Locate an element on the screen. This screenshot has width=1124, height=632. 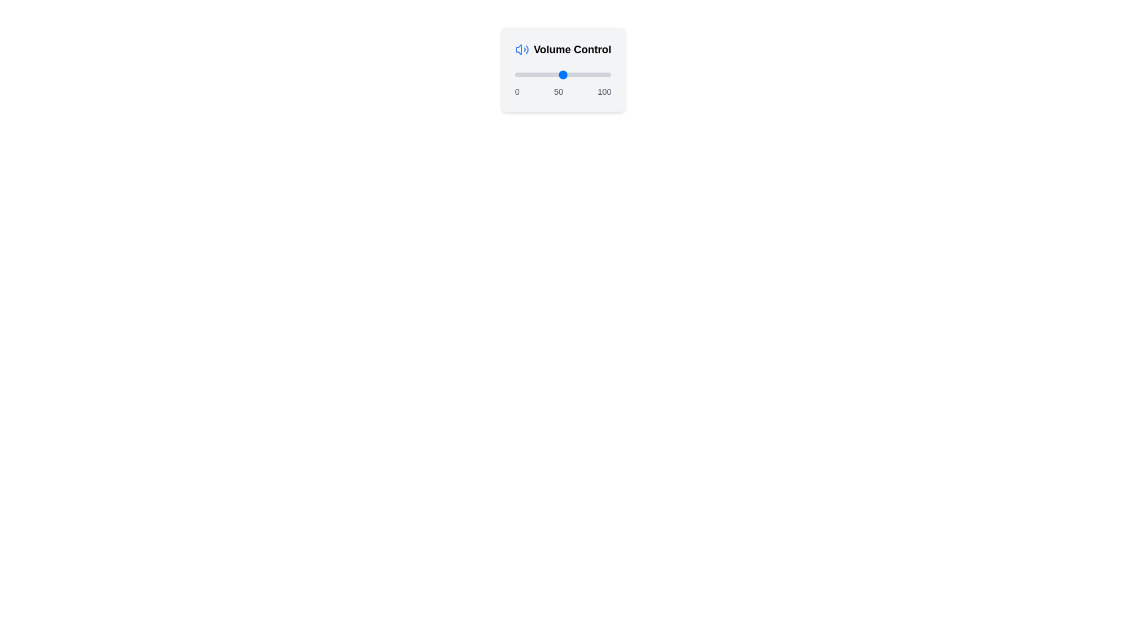
the volume is located at coordinates (548, 74).